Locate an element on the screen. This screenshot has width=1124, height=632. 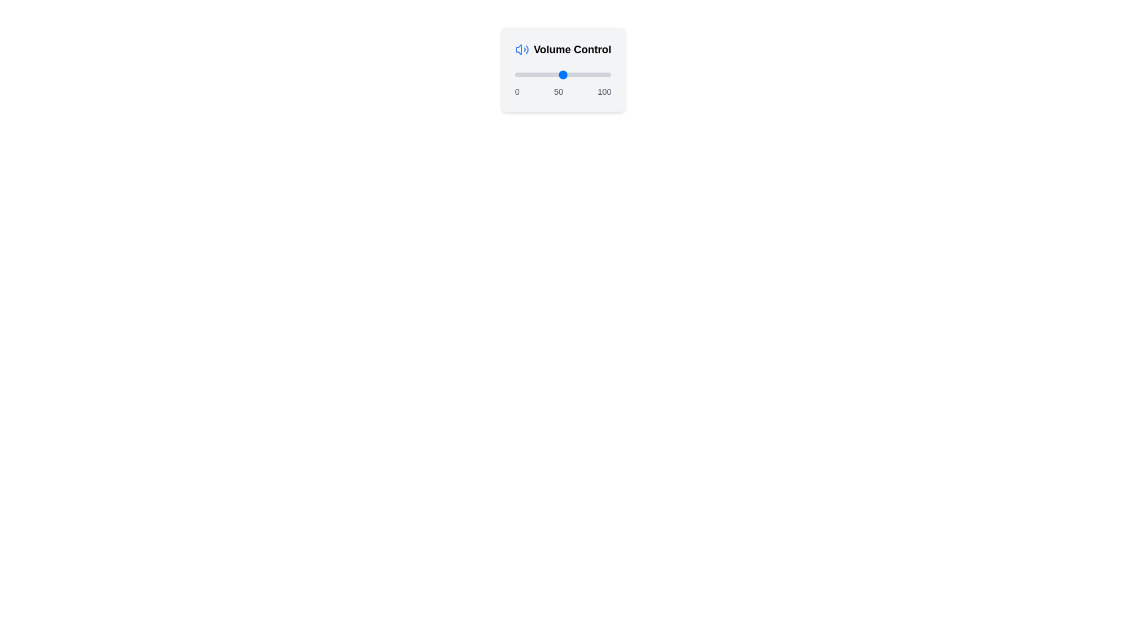
the volume is located at coordinates (548, 74).